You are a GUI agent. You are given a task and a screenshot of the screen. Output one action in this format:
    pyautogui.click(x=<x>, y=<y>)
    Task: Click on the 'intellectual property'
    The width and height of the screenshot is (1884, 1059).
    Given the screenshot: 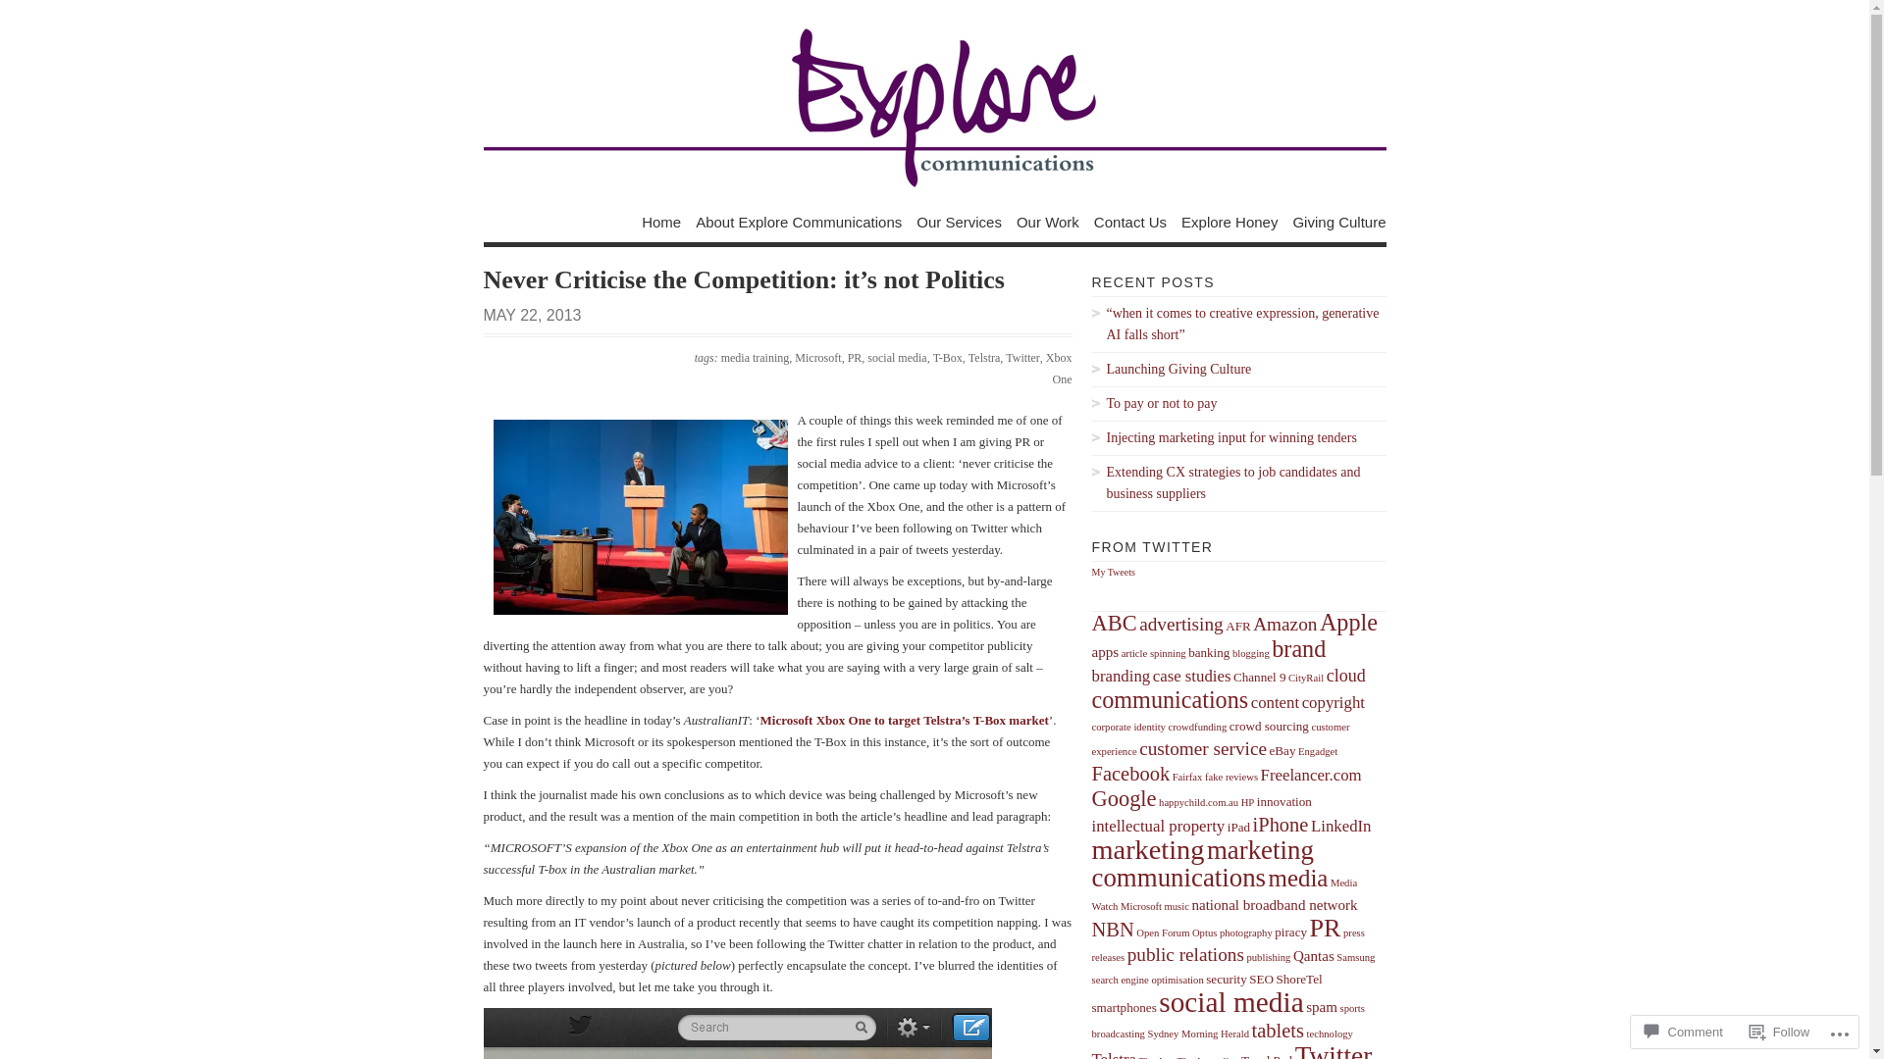 What is the action you would take?
    pyautogui.click(x=1158, y=826)
    